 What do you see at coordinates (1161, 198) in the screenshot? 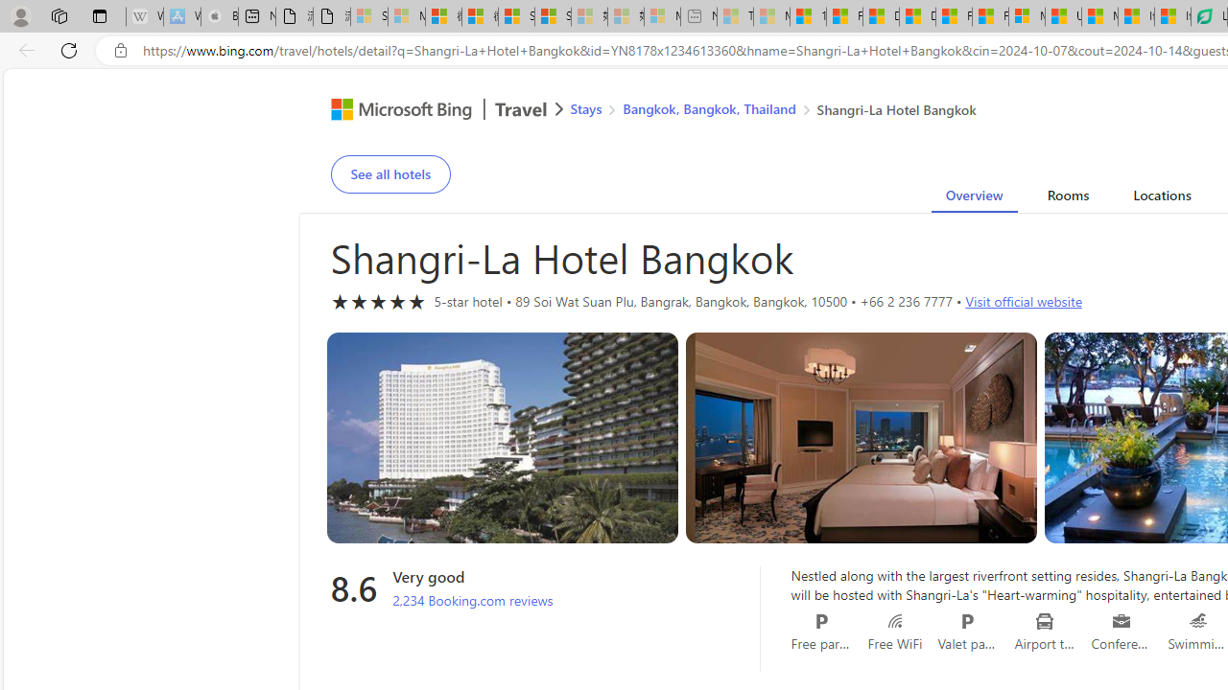
I see `'Locations'` at bounding box center [1161, 198].